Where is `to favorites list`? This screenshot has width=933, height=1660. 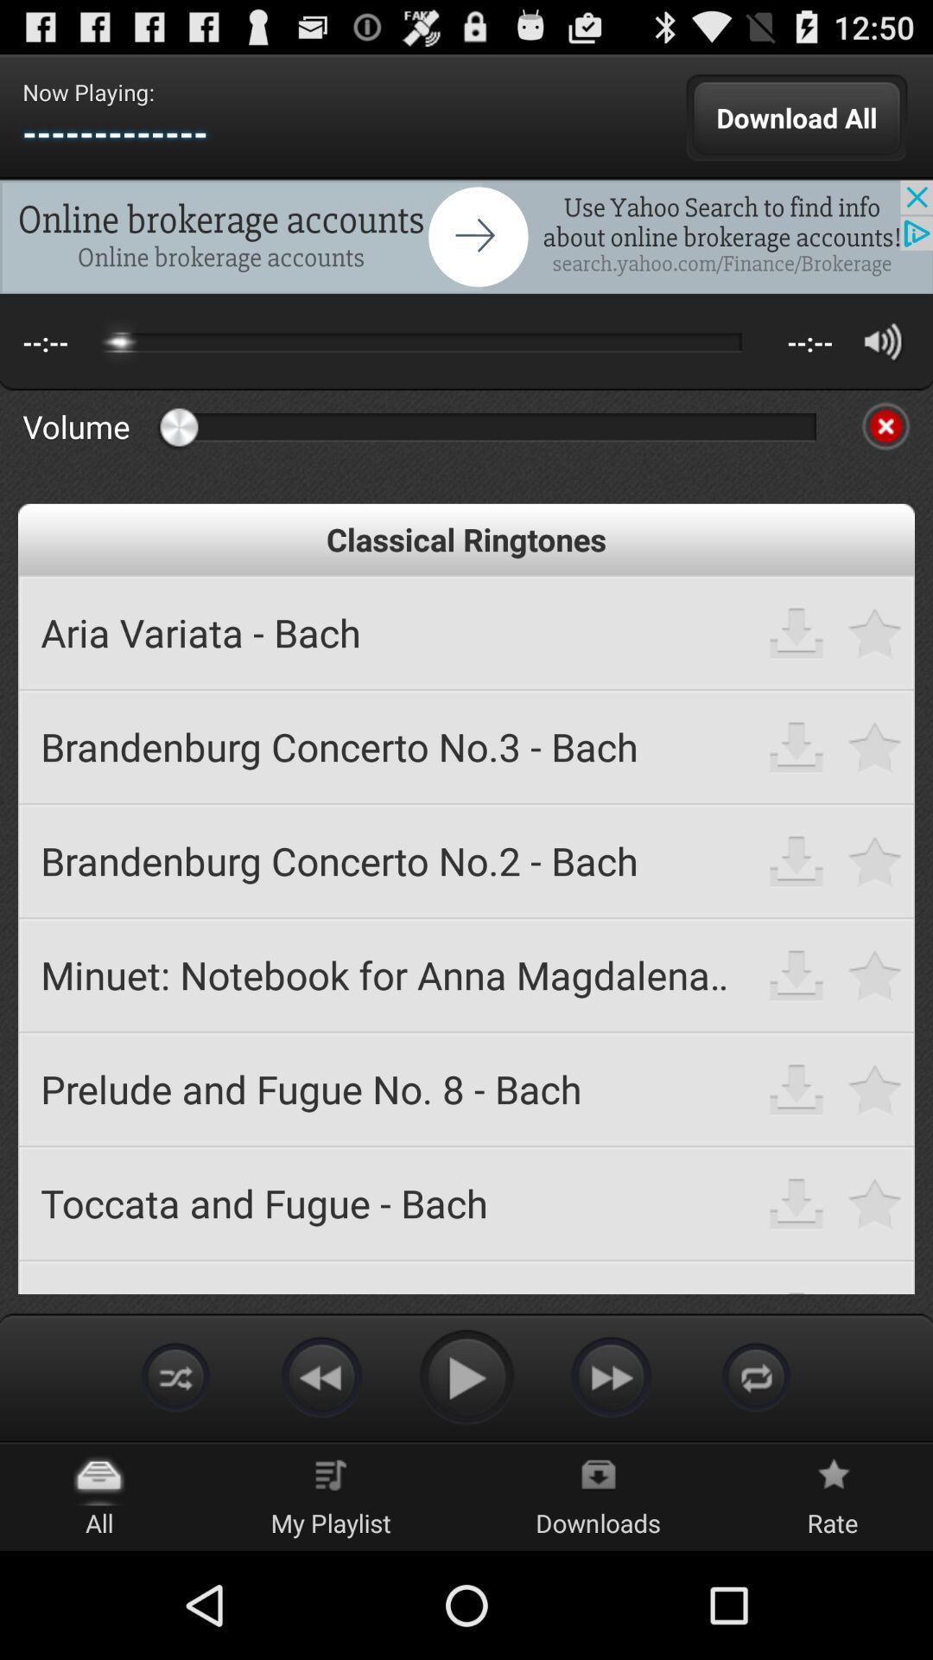 to favorites list is located at coordinates (875, 631).